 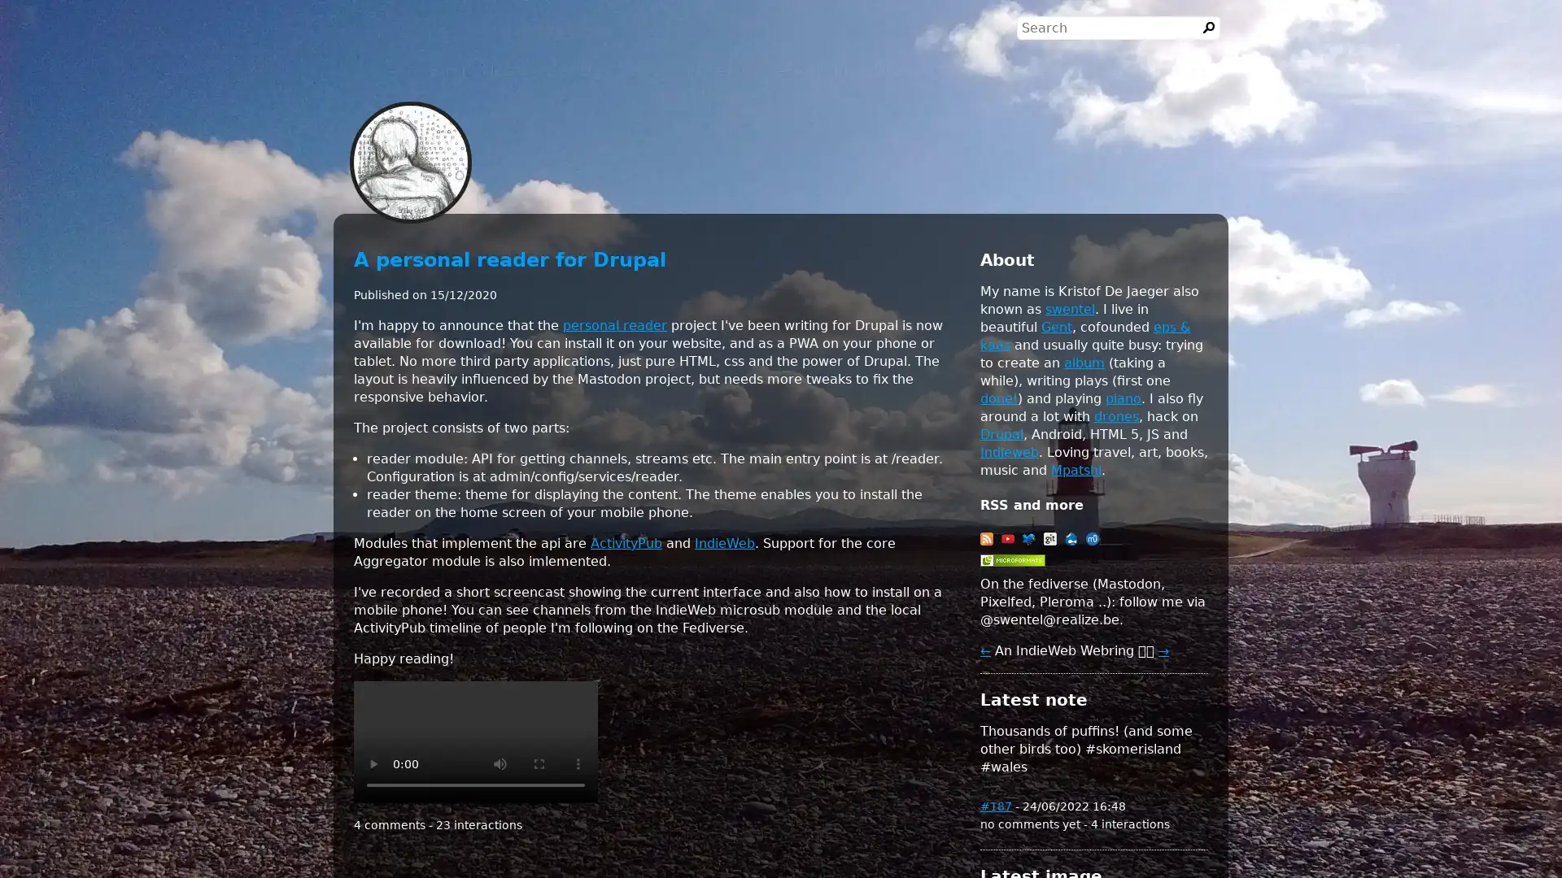 I want to click on Search, so click(x=1209, y=28).